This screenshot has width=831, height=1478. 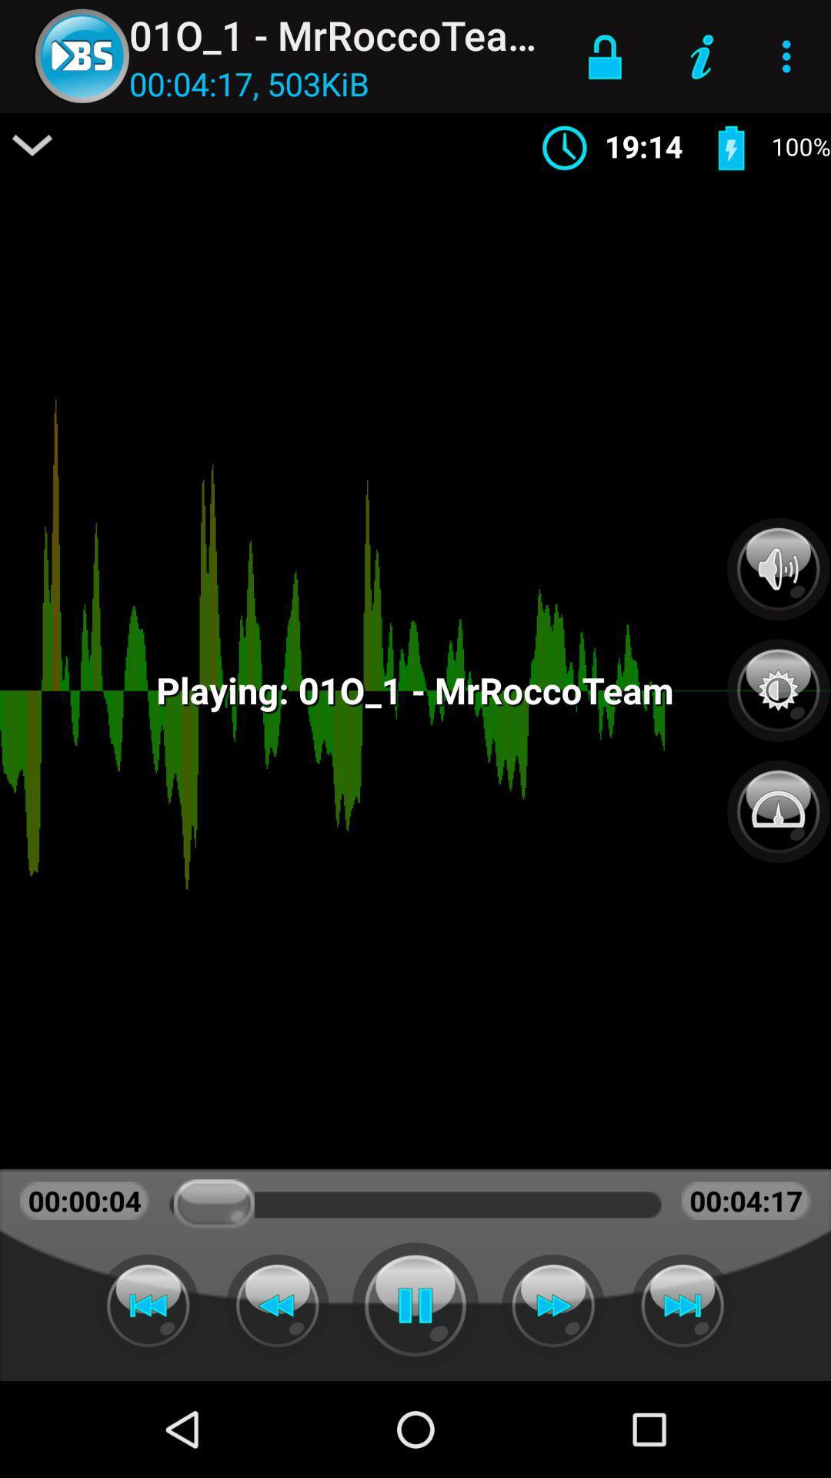 What do you see at coordinates (778, 568) in the screenshot?
I see `volume settings option` at bounding box center [778, 568].